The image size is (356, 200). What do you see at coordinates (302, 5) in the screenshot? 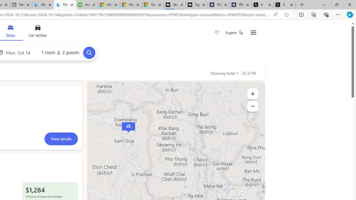
I see `'New Tab'` at bounding box center [302, 5].